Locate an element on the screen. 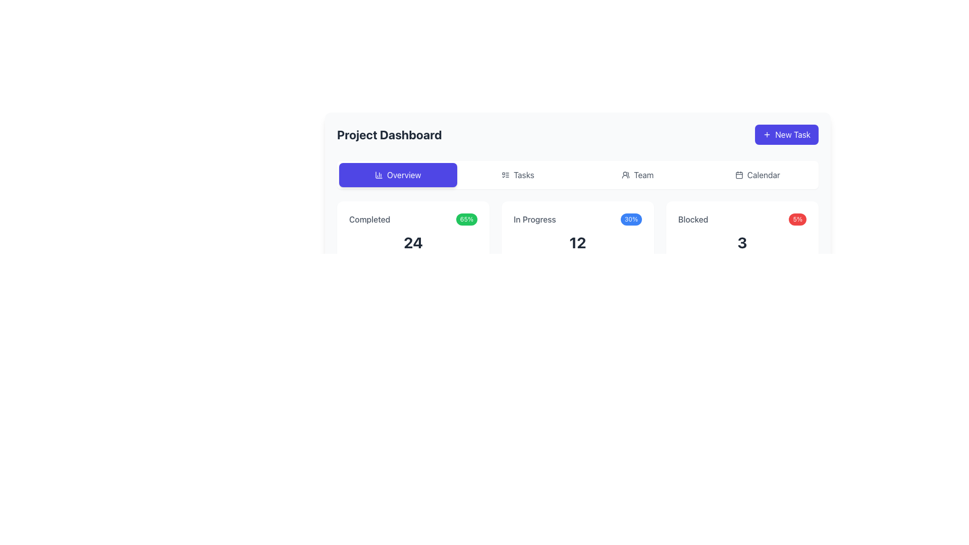  the calendar icon located in the navigational bar at the top of the interface is located at coordinates (739, 175).